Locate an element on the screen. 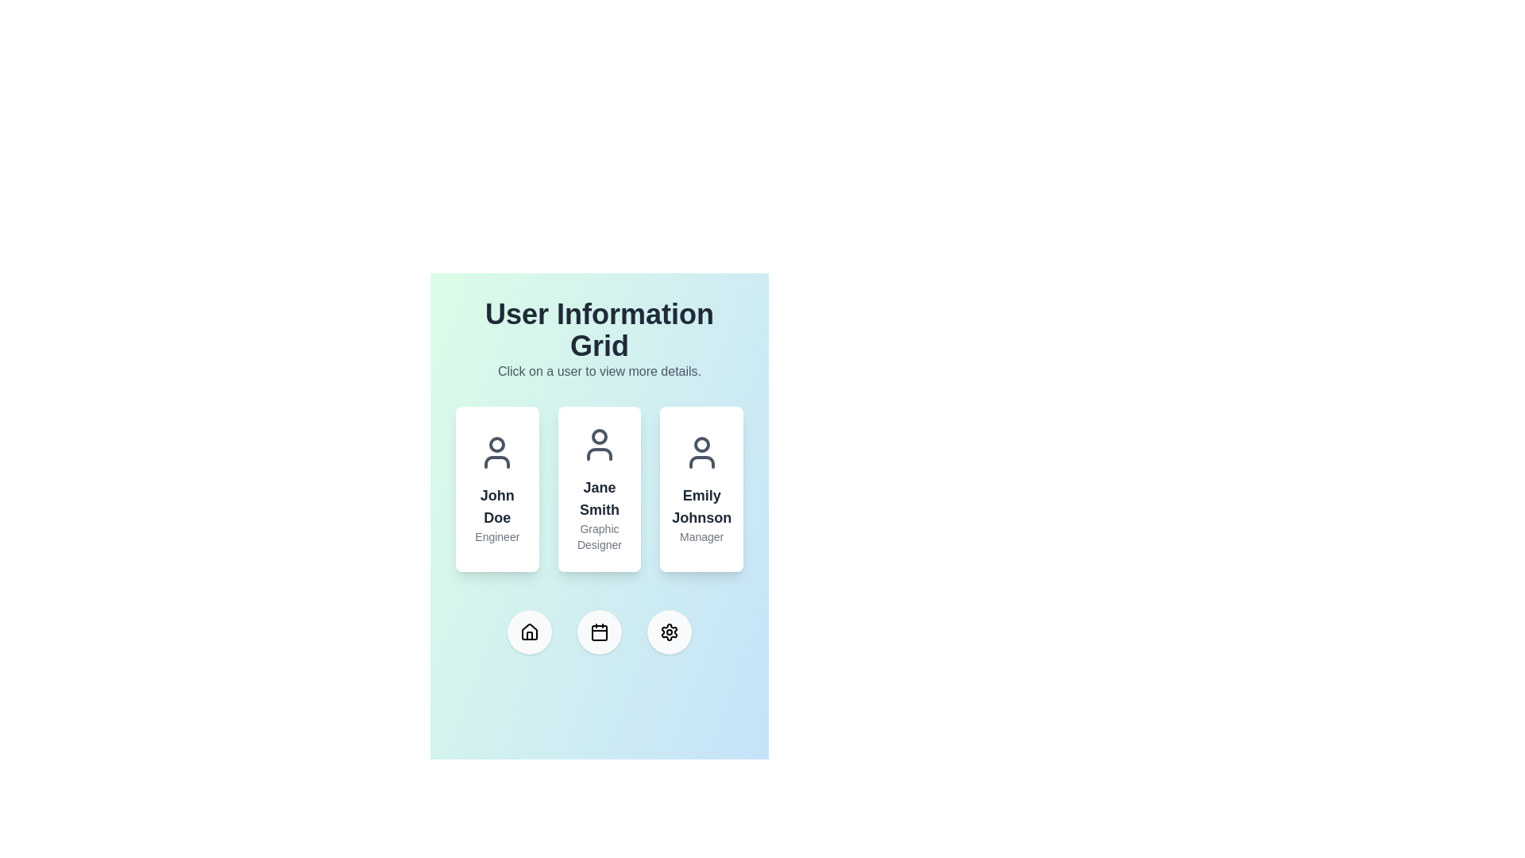 Image resolution: width=1525 pixels, height=858 pixels. the house icon button, which is the leftmost button in a horizontal arrangement below the user information cards is located at coordinates (530, 631).